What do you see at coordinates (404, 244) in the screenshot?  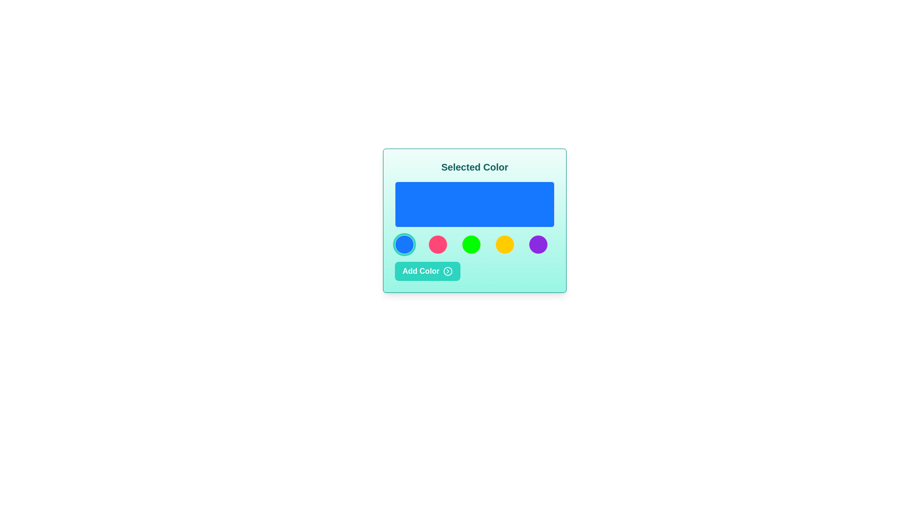 I see `the first circular button with a blue fill and teal ring located at the left end of the button row` at bounding box center [404, 244].